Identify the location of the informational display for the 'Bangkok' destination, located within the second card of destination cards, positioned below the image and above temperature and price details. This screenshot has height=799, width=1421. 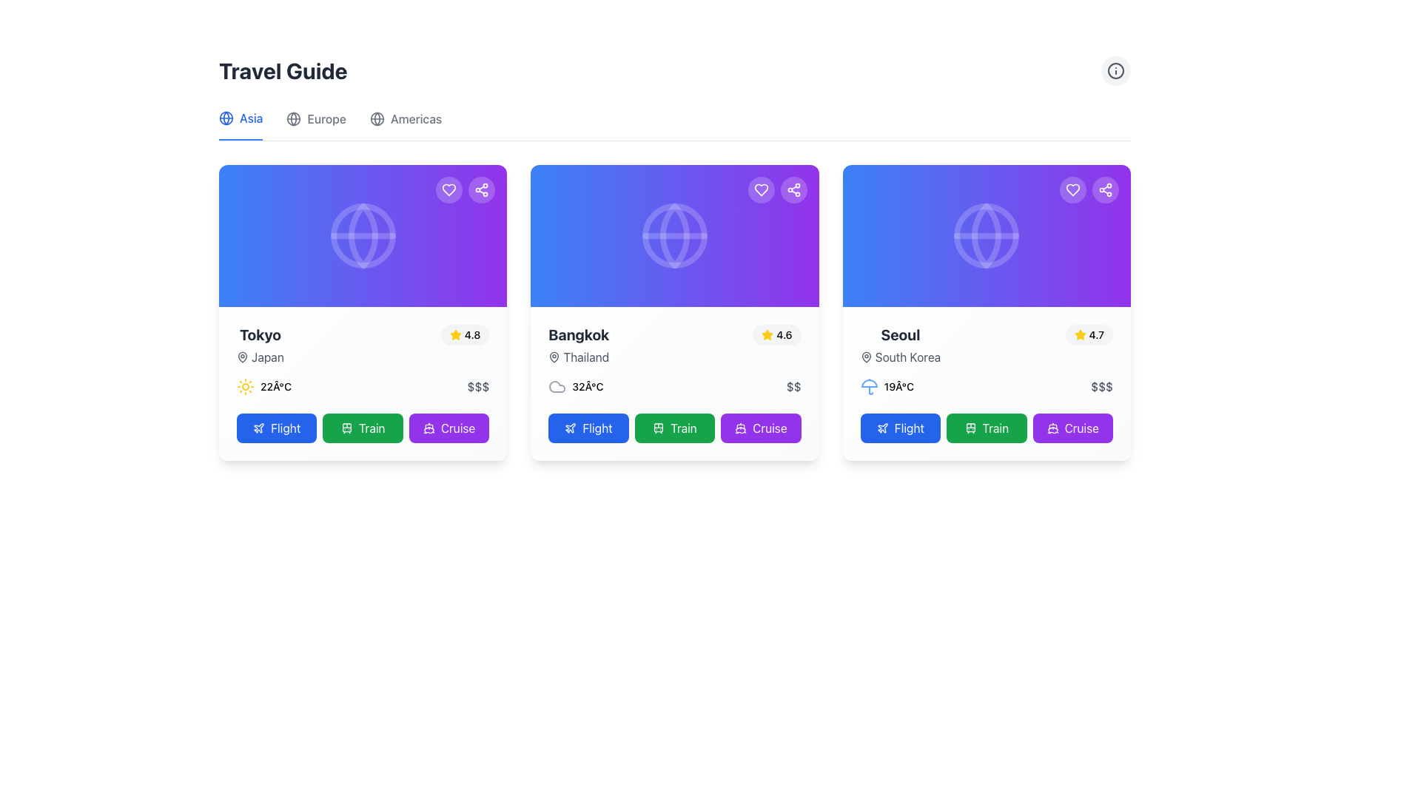
(674, 345).